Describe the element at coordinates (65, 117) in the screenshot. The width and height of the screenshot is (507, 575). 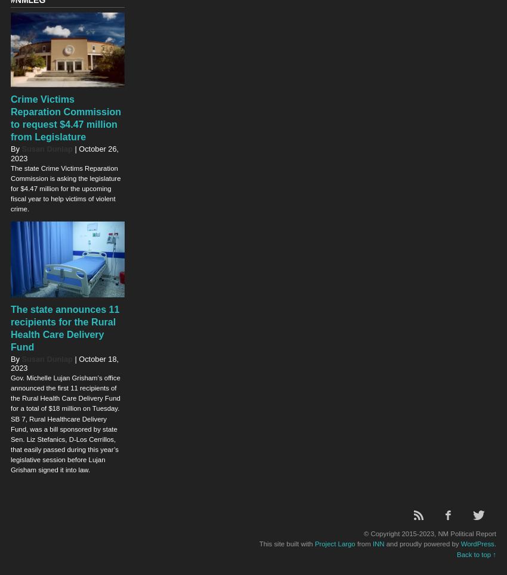
I see `'Crime Victims Reparation Commission to request $4.47 million from Legislature'` at that location.